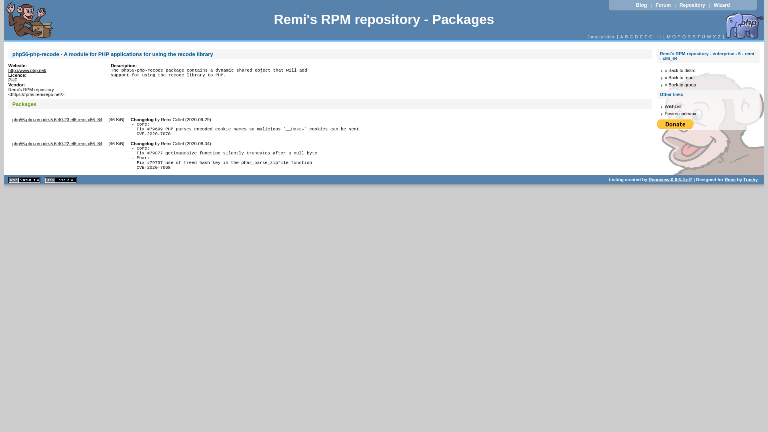  I want to click on 'X', so click(714, 37).